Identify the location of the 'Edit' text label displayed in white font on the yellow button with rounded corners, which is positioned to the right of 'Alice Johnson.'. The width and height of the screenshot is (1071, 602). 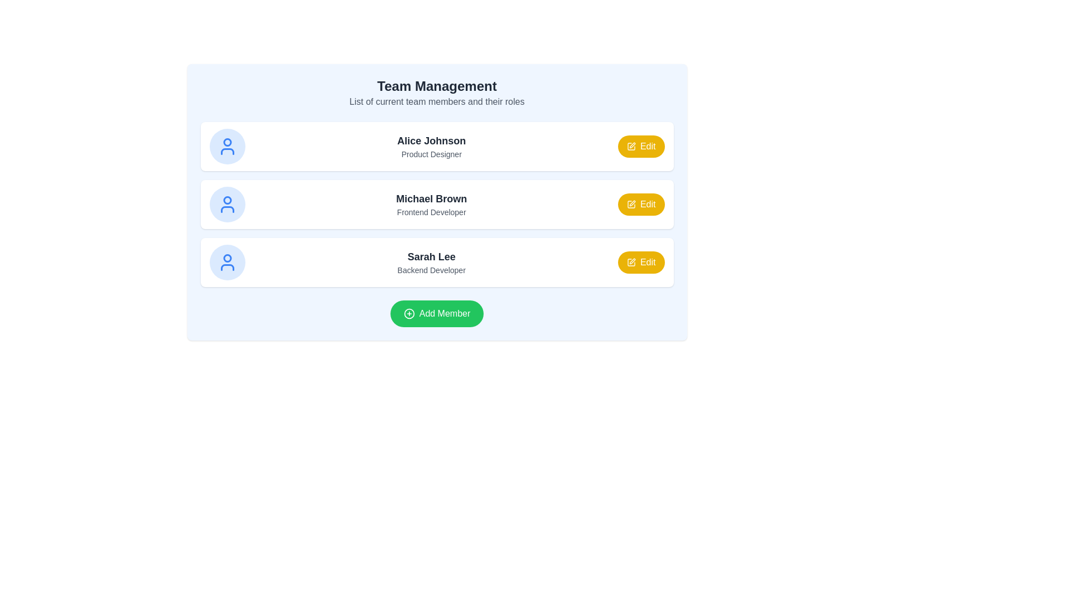
(648, 145).